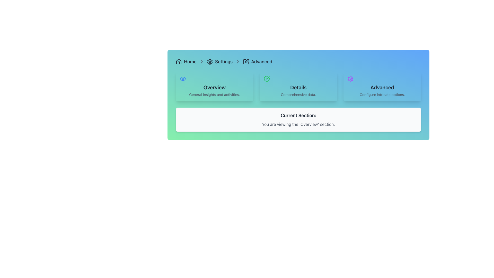 The width and height of the screenshot is (494, 278). Describe the element at coordinates (382, 94) in the screenshot. I see `the descriptive label text providing additional information about the 'Advanced' section, located below the title 'Advanced' on the far-right side of the layout` at that location.